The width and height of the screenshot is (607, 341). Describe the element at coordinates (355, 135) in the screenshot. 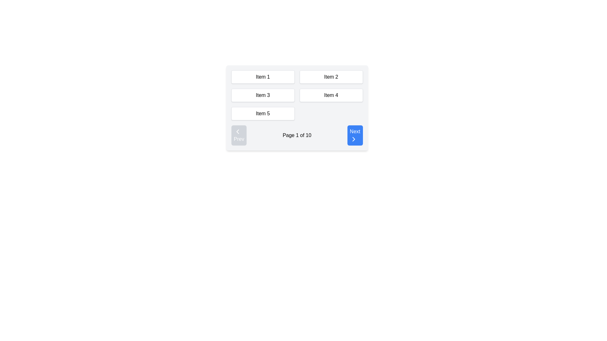

I see `the 'Next' button located at the bottom-right corner of the pagination control` at that location.